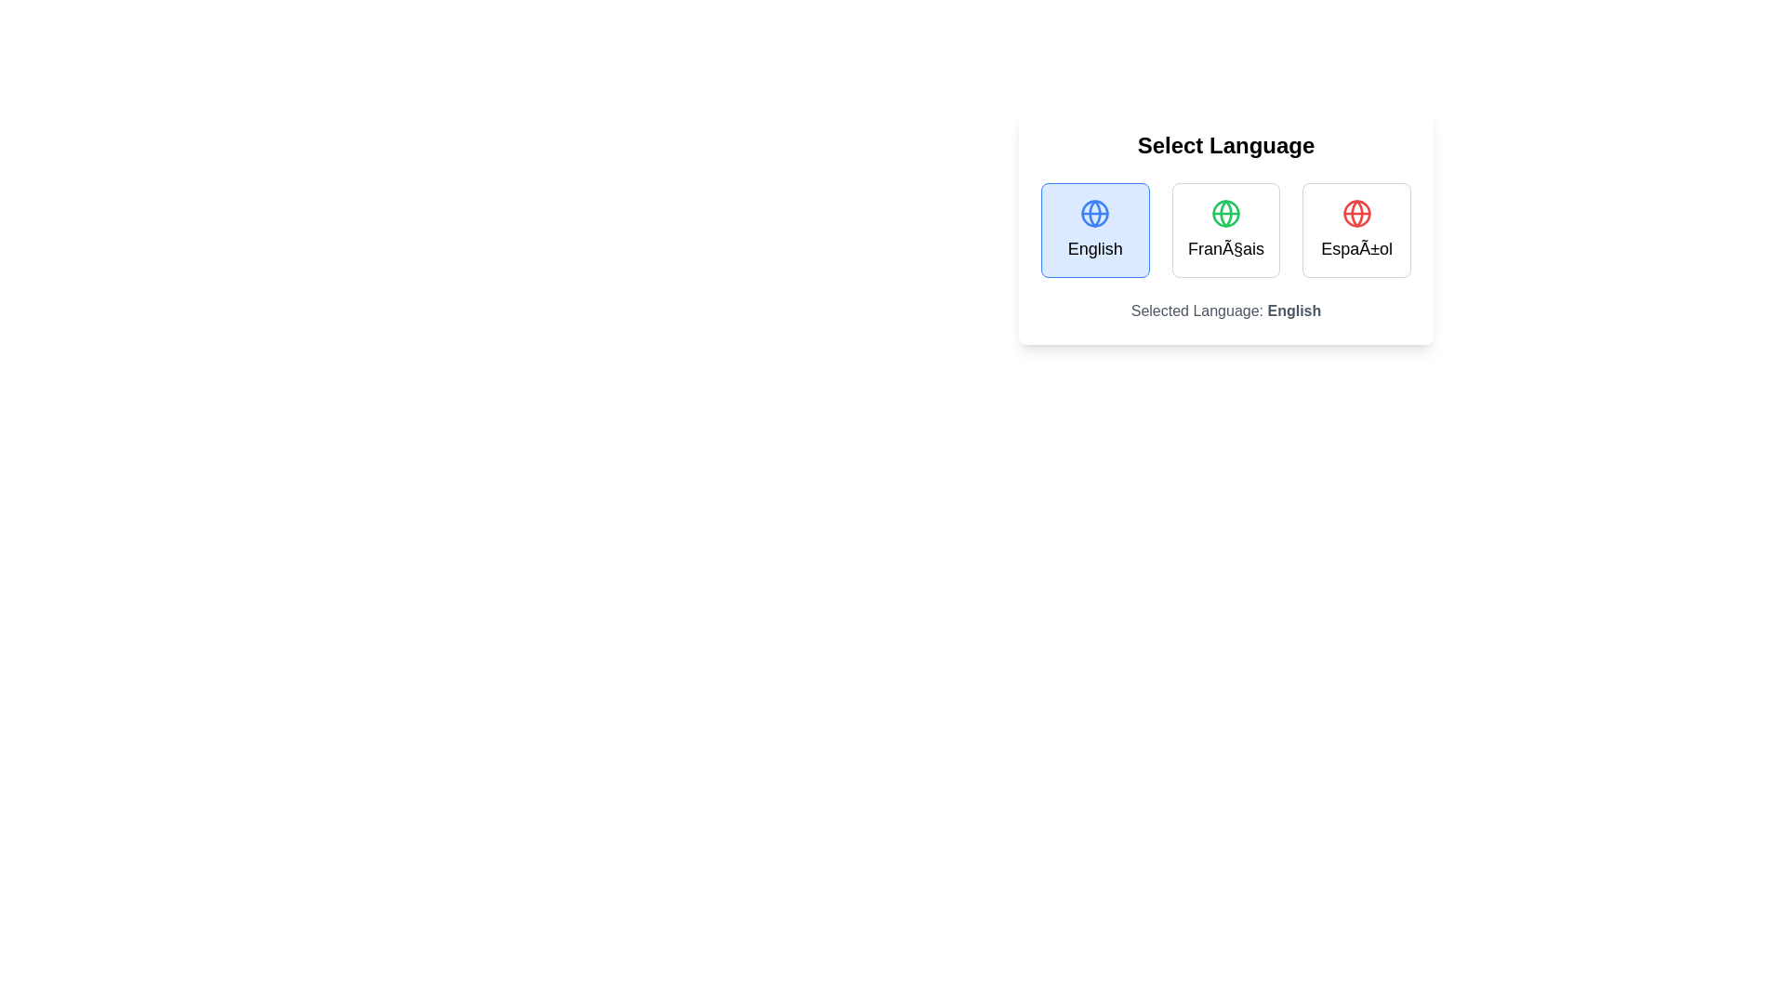 Image resolution: width=1785 pixels, height=1004 pixels. I want to click on the language English by clicking on its corresponding button, so click(1094, 229).